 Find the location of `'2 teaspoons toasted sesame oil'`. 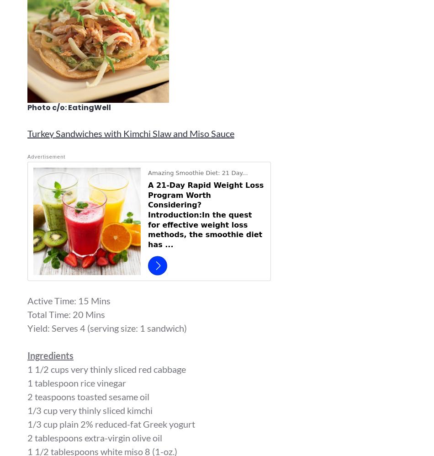

'2 teaspoons toasted sesame oil' is located at coordinates (88, 396).